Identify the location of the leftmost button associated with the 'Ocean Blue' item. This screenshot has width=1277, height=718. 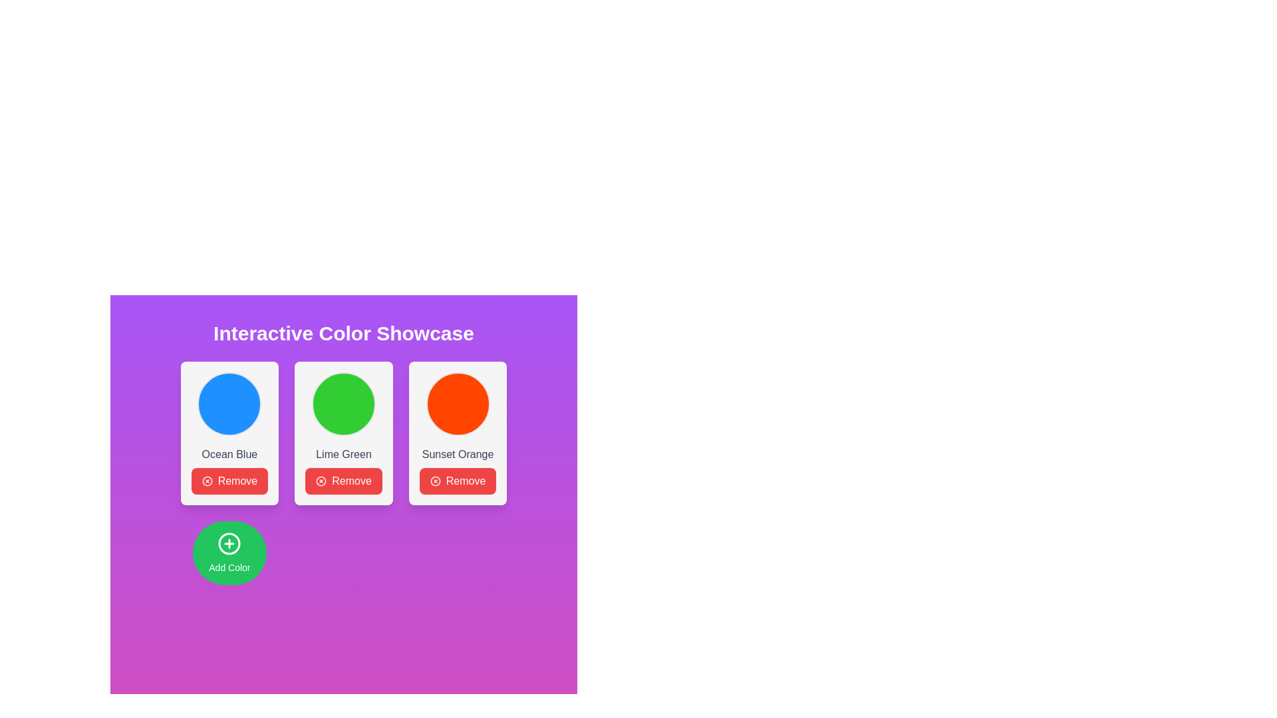
(229, 481).